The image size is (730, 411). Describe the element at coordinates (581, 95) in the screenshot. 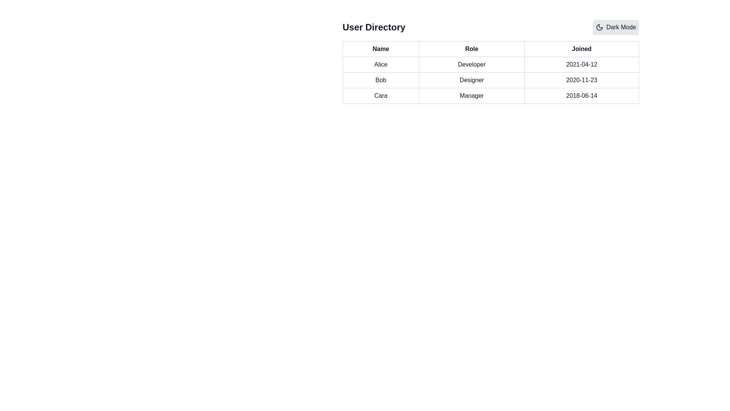

I see `the Text Display indicating the joining date (2018-06-14) for the 'Cara' user, located in the third row under the 'Joined' column of the User Directory interface` at that location.